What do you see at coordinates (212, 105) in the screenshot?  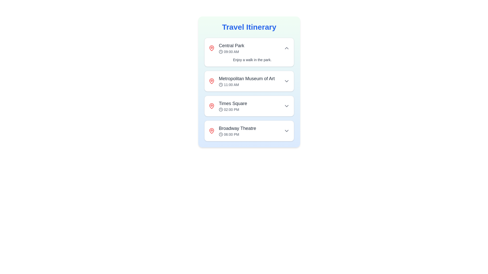 I see `the decorative or functional indicator icon for 'Times Square', which is located in the third entry of the 'Travel Itinerary' list, to the left of the text 'Times Square'` at bounding box center [212, 105].